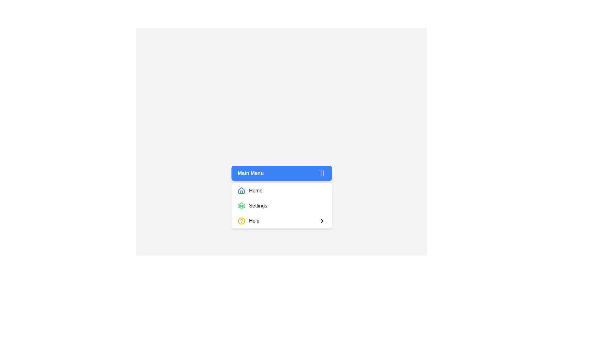 The width and height of the screenshot is (603, 339). I want to click on the 'Settings' menu option, which is the second item in the Main Menu, so click(281, 206).